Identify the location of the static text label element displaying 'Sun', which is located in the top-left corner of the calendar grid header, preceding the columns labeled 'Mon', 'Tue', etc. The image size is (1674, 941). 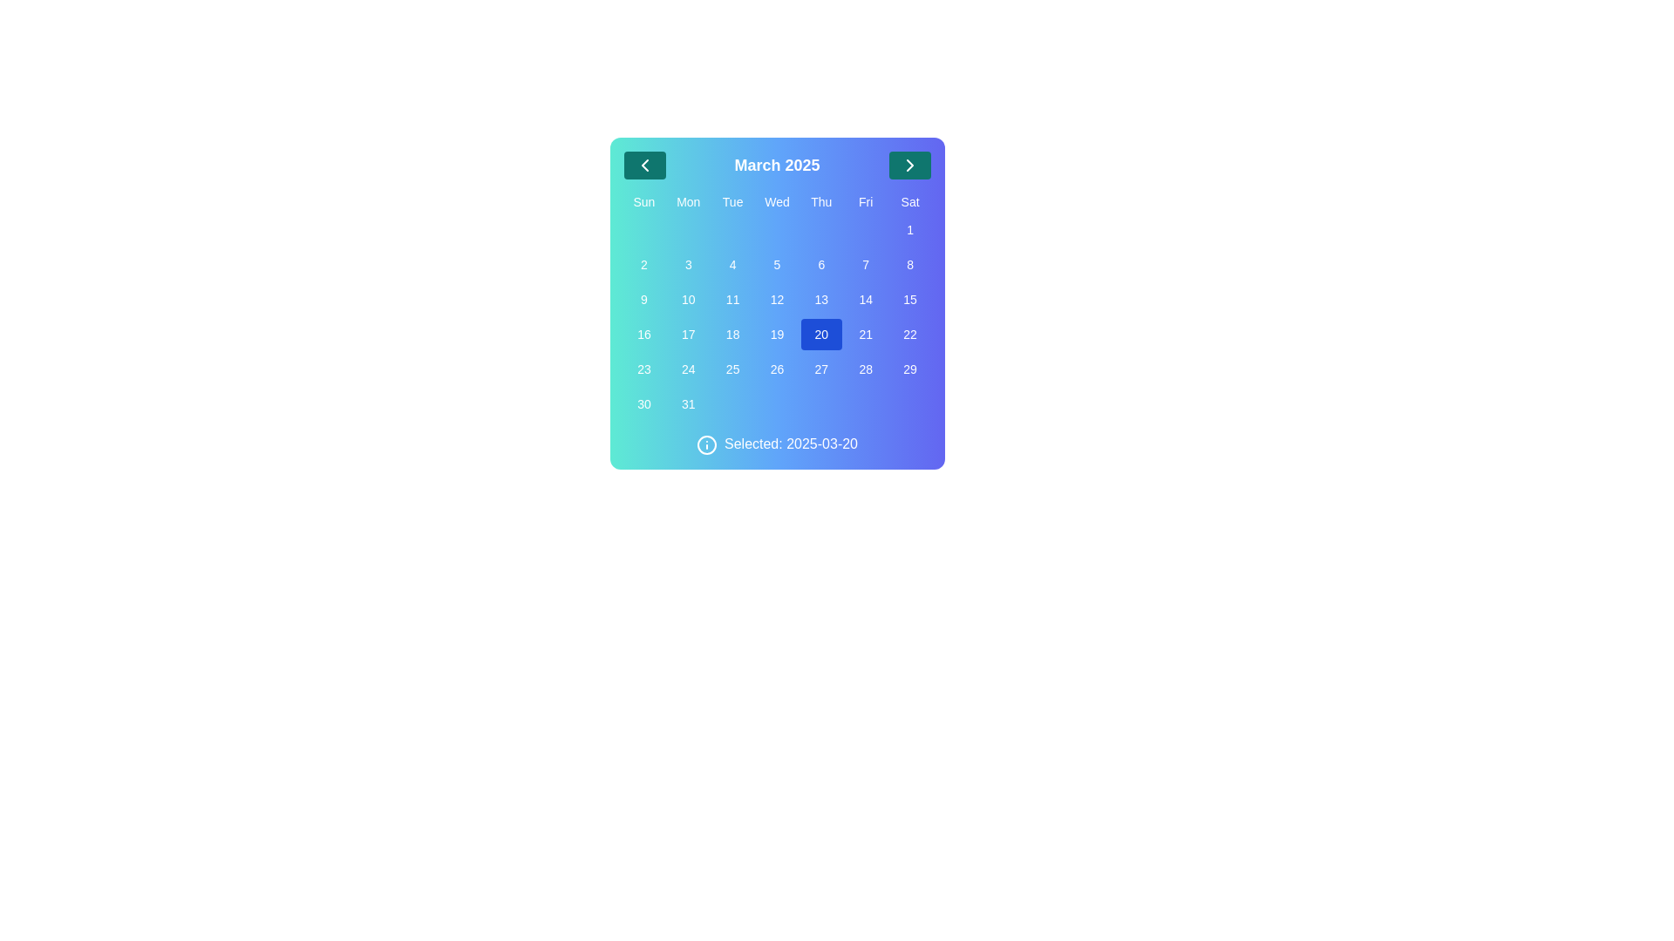
(643, 200).